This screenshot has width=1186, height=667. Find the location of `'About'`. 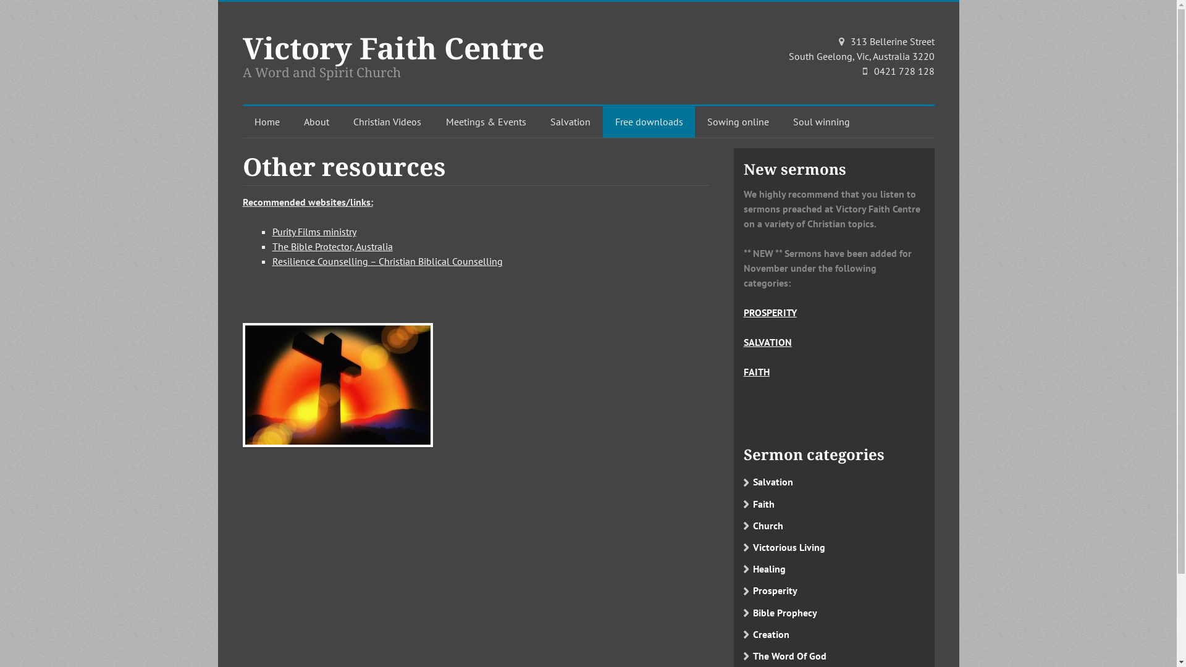

'About' is located at coordinates (292, 122).